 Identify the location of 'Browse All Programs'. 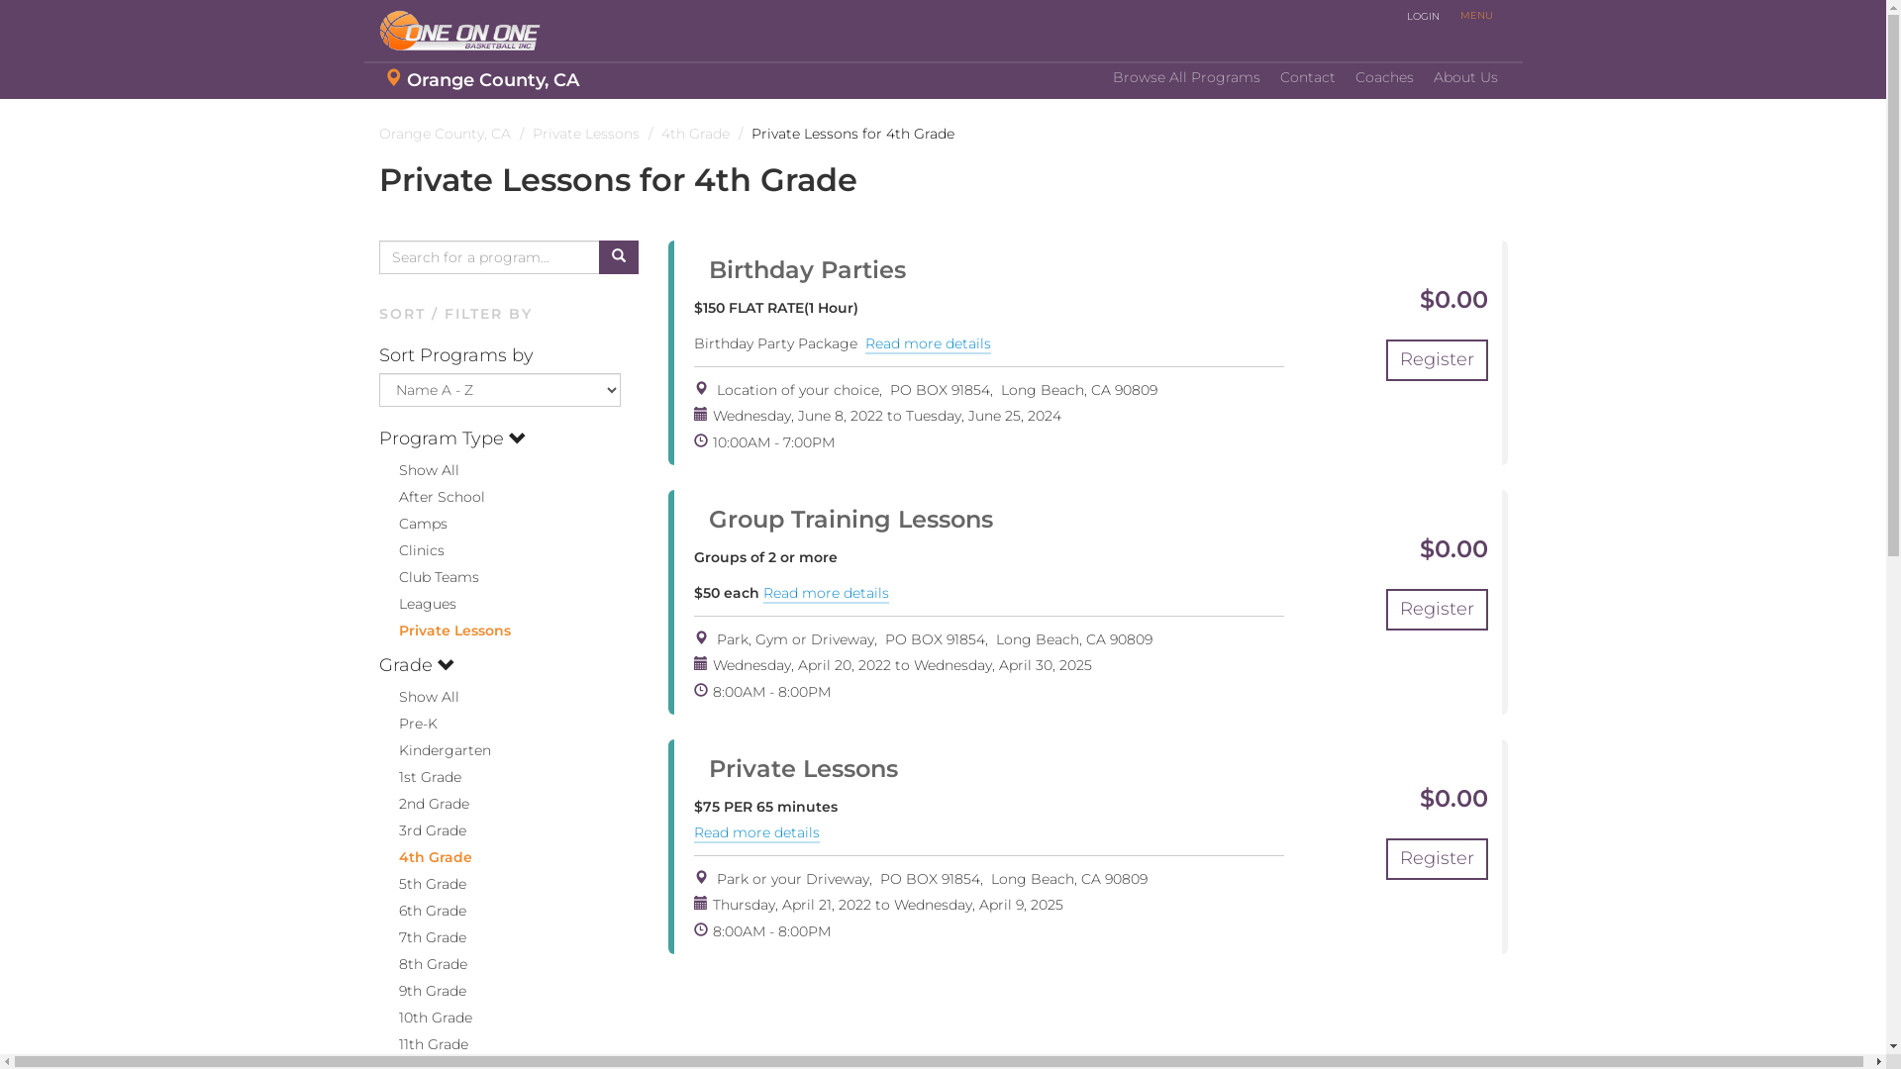
(1186, 76).